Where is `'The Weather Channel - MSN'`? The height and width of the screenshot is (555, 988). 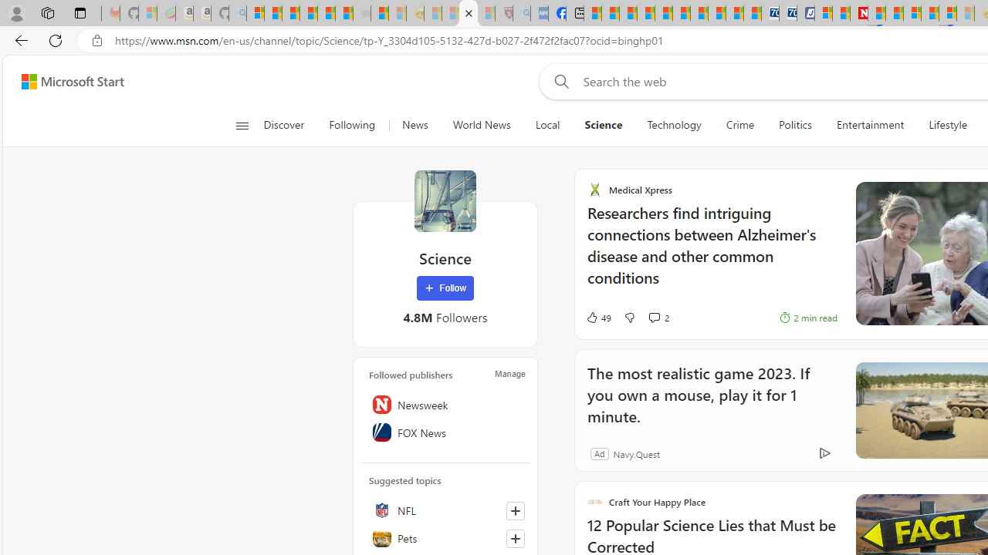 'The Weather Channel - MSN' is located at coordinates (290, 13).